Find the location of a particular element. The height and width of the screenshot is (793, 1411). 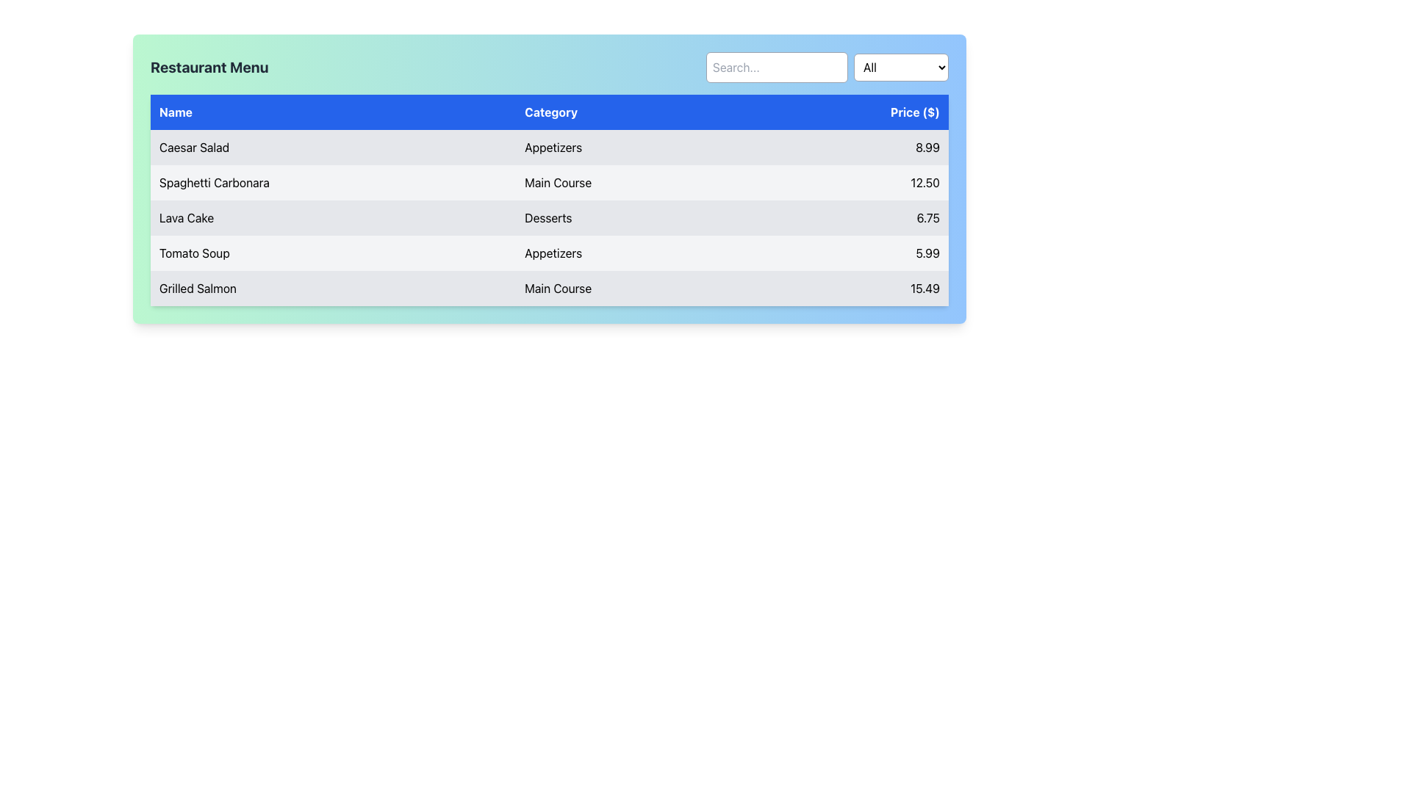

the third table row containing 'Lava Cake', 'Desserts', and the price '6.75' is located at coordinates (549, 218).